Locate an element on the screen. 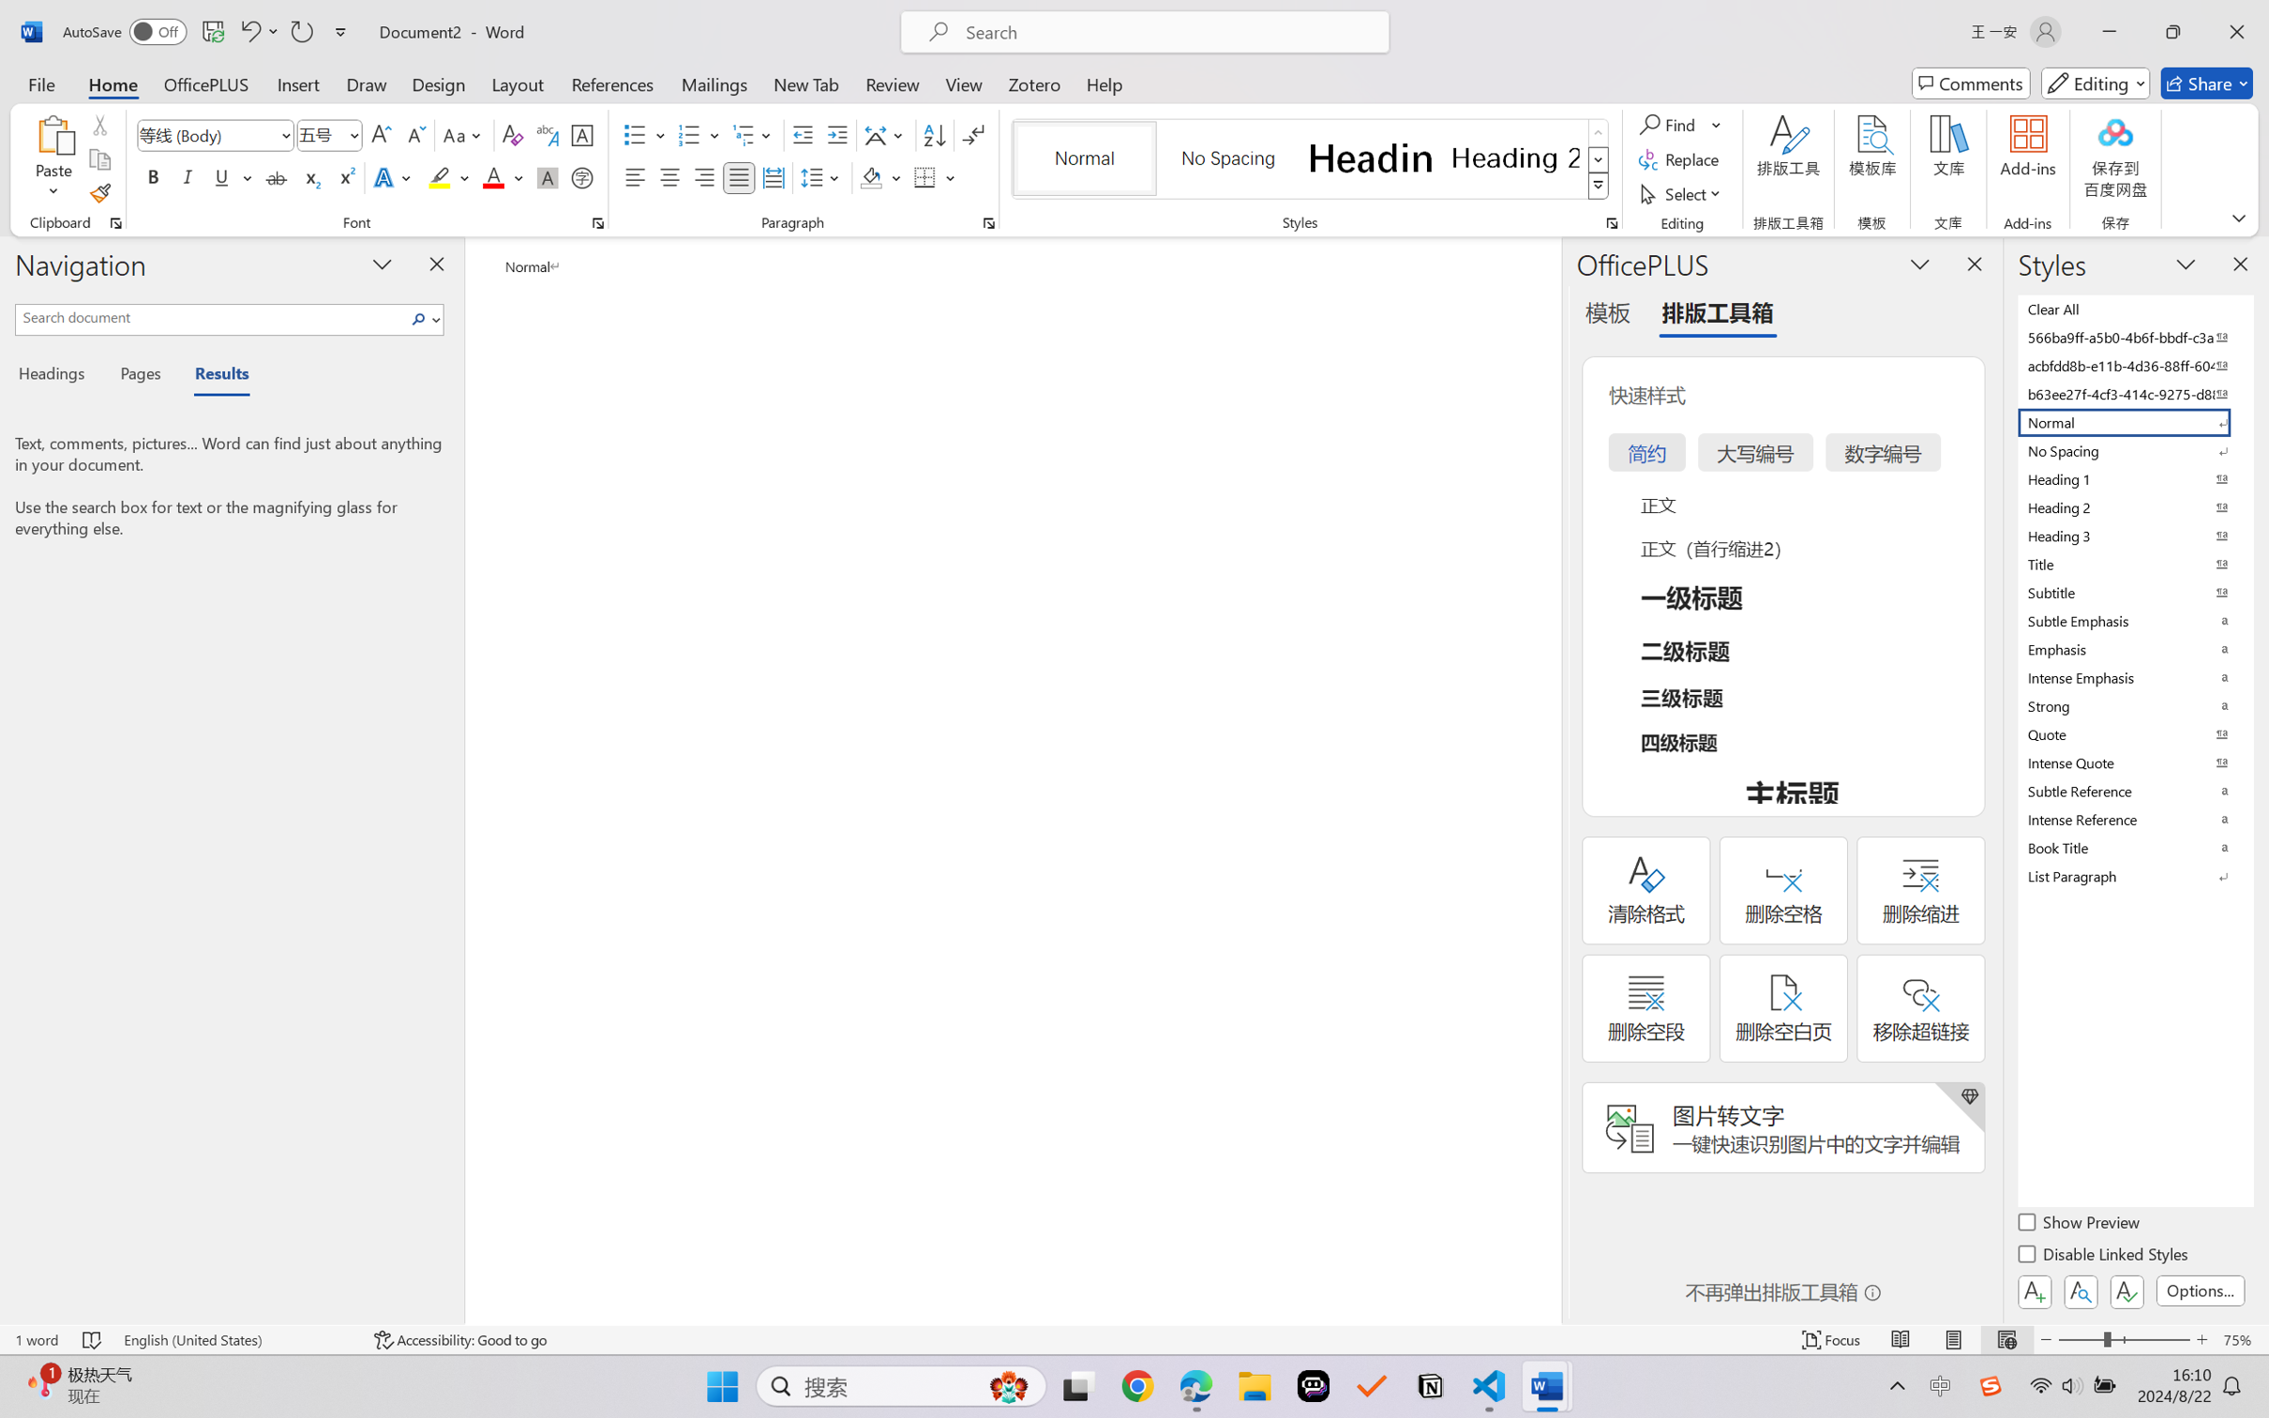 The width and height of the screenshot is (2269, 1418). 'Row up' is located at coordinates (1597, 132).